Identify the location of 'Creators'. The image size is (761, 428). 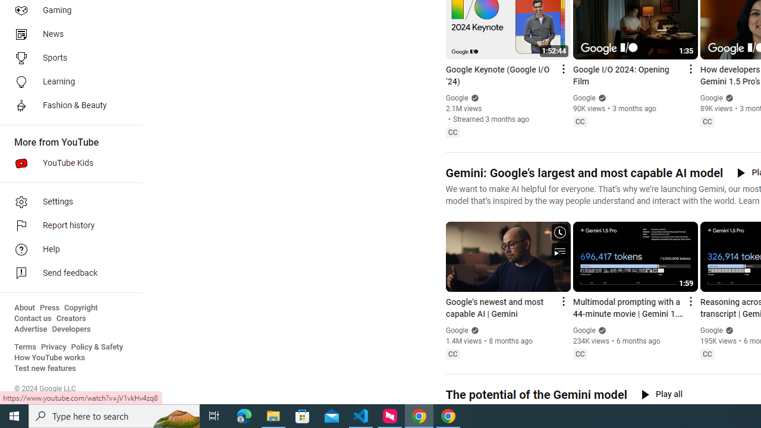
(70, 318).